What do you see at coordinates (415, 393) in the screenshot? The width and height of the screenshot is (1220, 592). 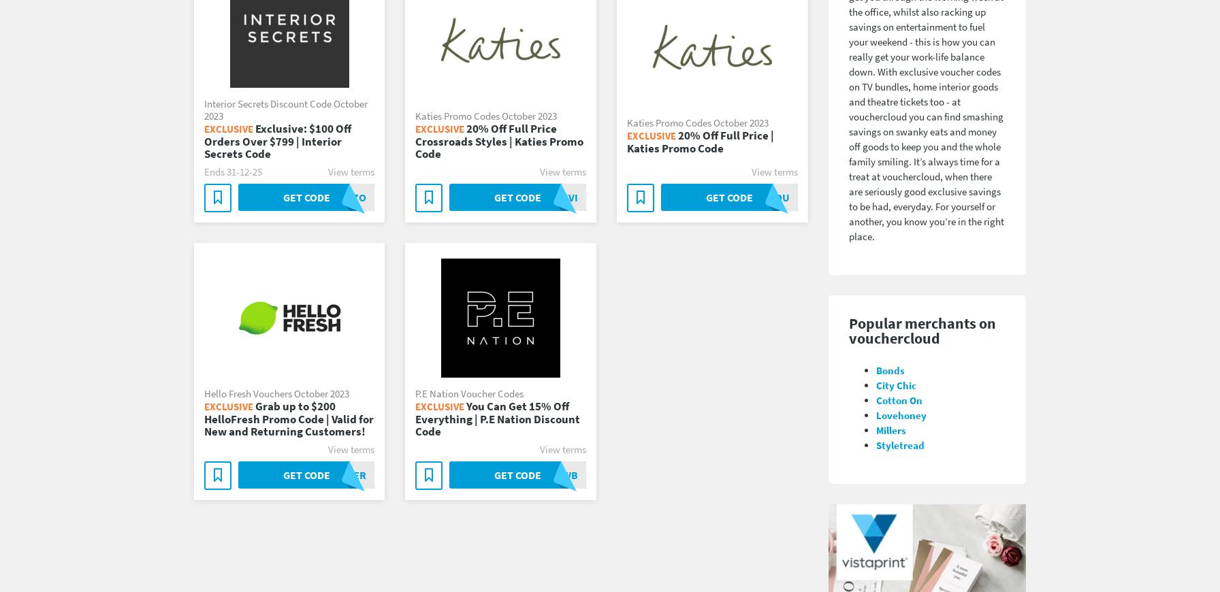 I see `'P.E Nation Voucher Codes'` at bounding box center [415, 393].